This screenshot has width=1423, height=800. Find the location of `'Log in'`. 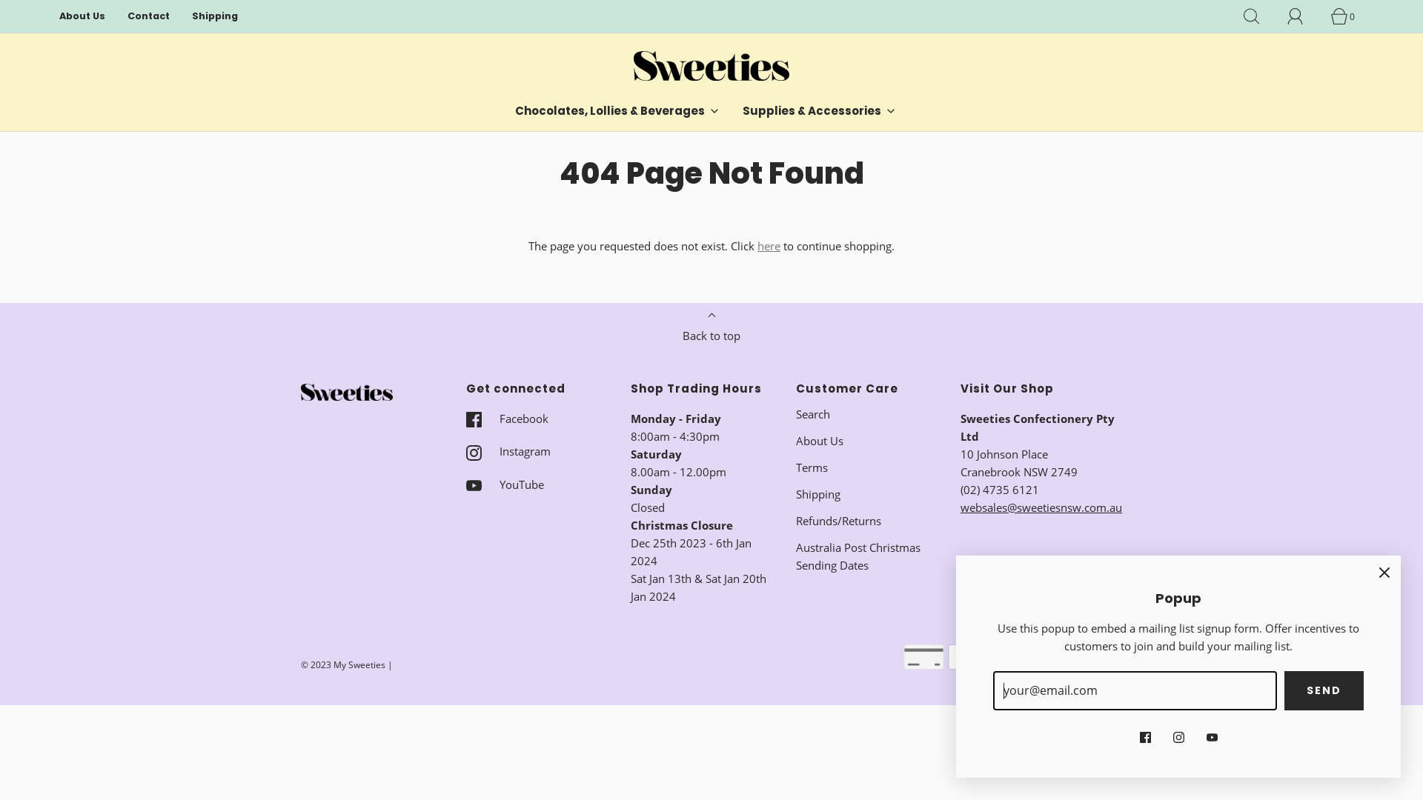

'Log in' is located at coordinates (1302, 16).